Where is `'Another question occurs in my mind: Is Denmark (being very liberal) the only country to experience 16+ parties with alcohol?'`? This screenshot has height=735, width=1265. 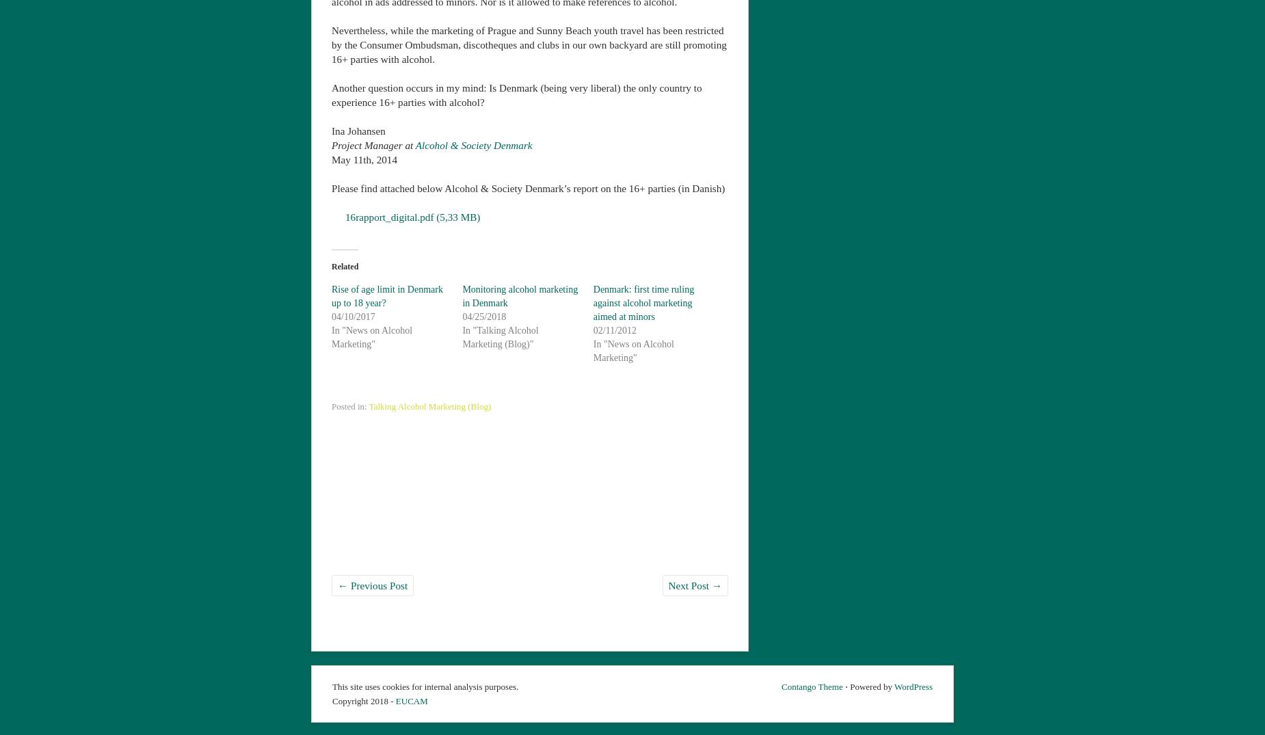
'Another question occurs in my mind: Is Denmark (being very liberal) the only country to experience 16+ parties with alcohol?' is located at coordinates (516, 94).